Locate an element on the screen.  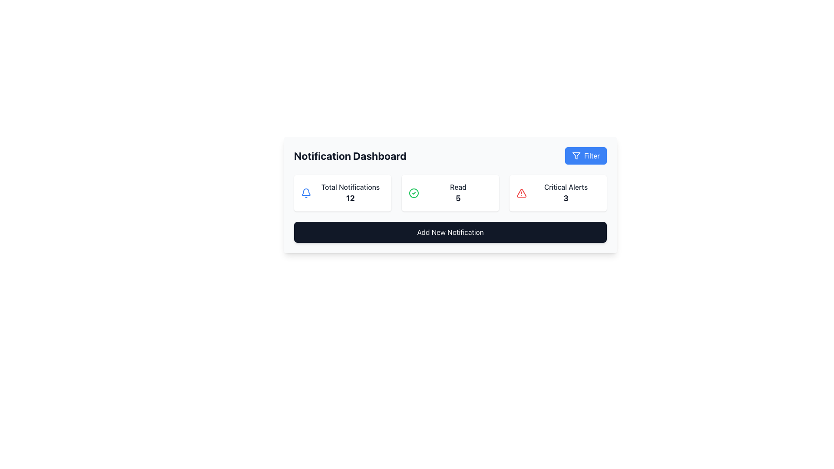
critical alert count displayed in the Text element located in the 'Critical Alerts' section of the notification dashboard, below the 'Critical Alerts' label and next to the warning icon is located at coordinates (566, 198).